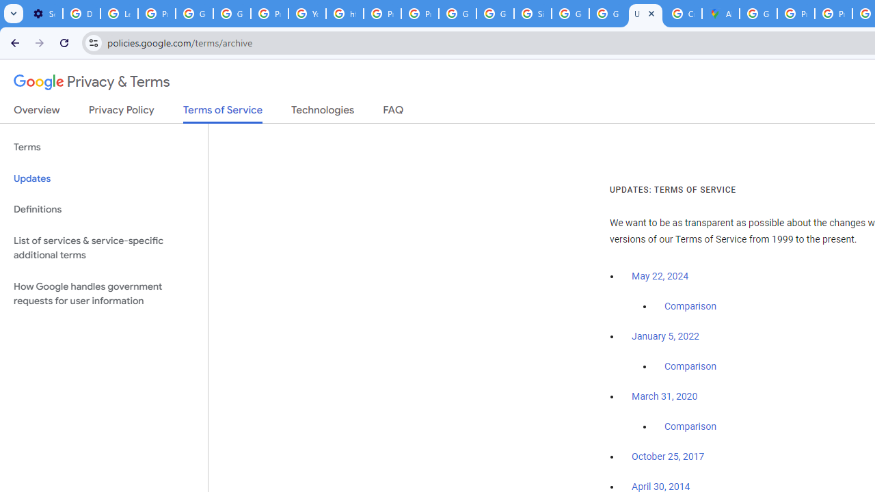 The height and width of the screenshot is (492, 875). I want to click on 'Delete photos & videos - Computer - Google Photos Help', so click(81, 14).